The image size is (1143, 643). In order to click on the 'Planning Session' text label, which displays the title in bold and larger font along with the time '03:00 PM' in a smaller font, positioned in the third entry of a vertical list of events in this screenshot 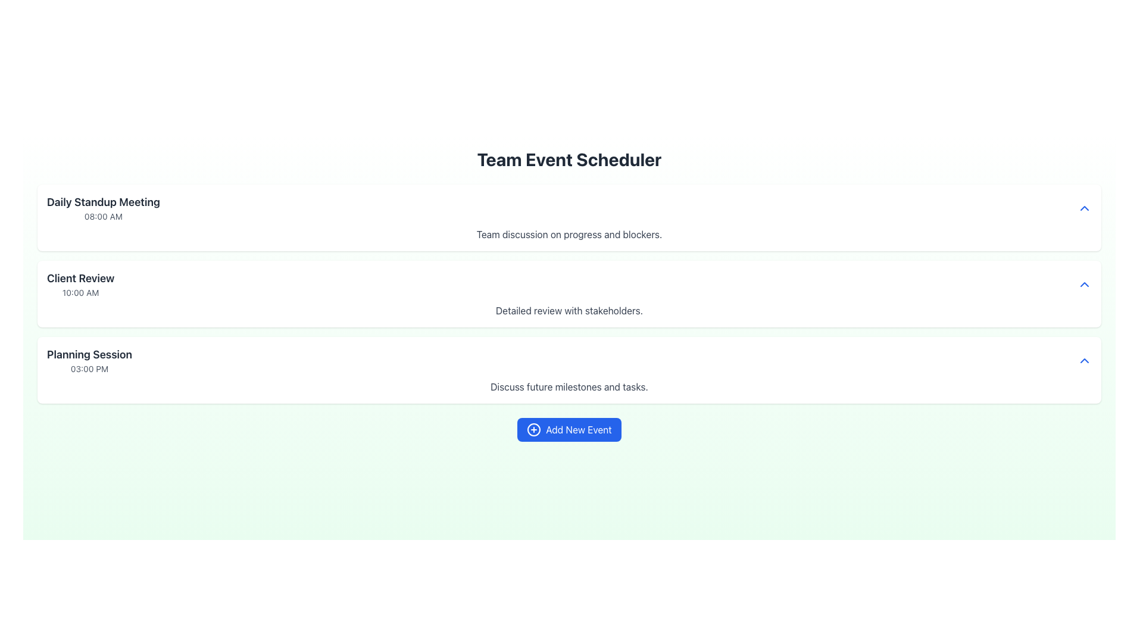, I will do `click(89, 360)`.